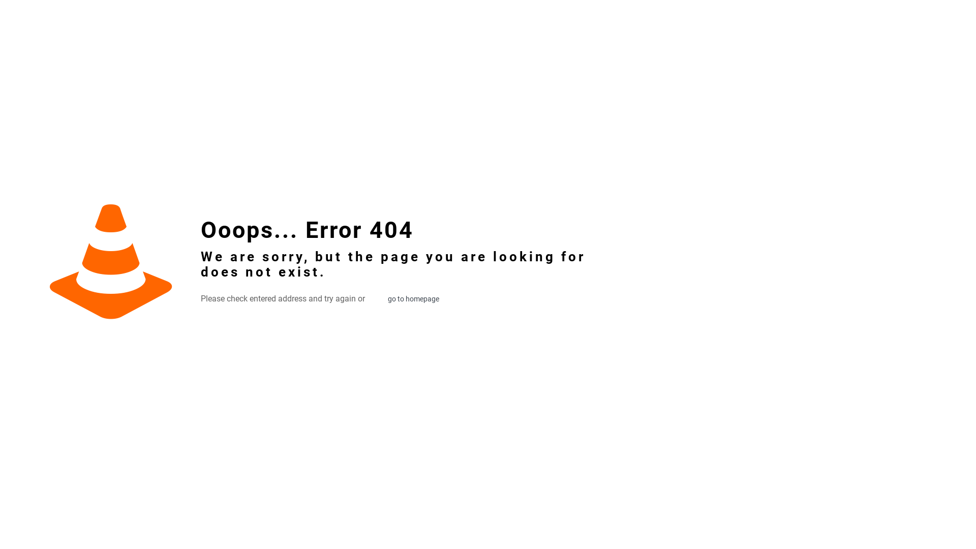 The height and width of the screenshot is (549, 976). What do you see at coordinates (377, 298) in the screenshot?
I see `'go to homepage'` at bounding box center [377, 298].